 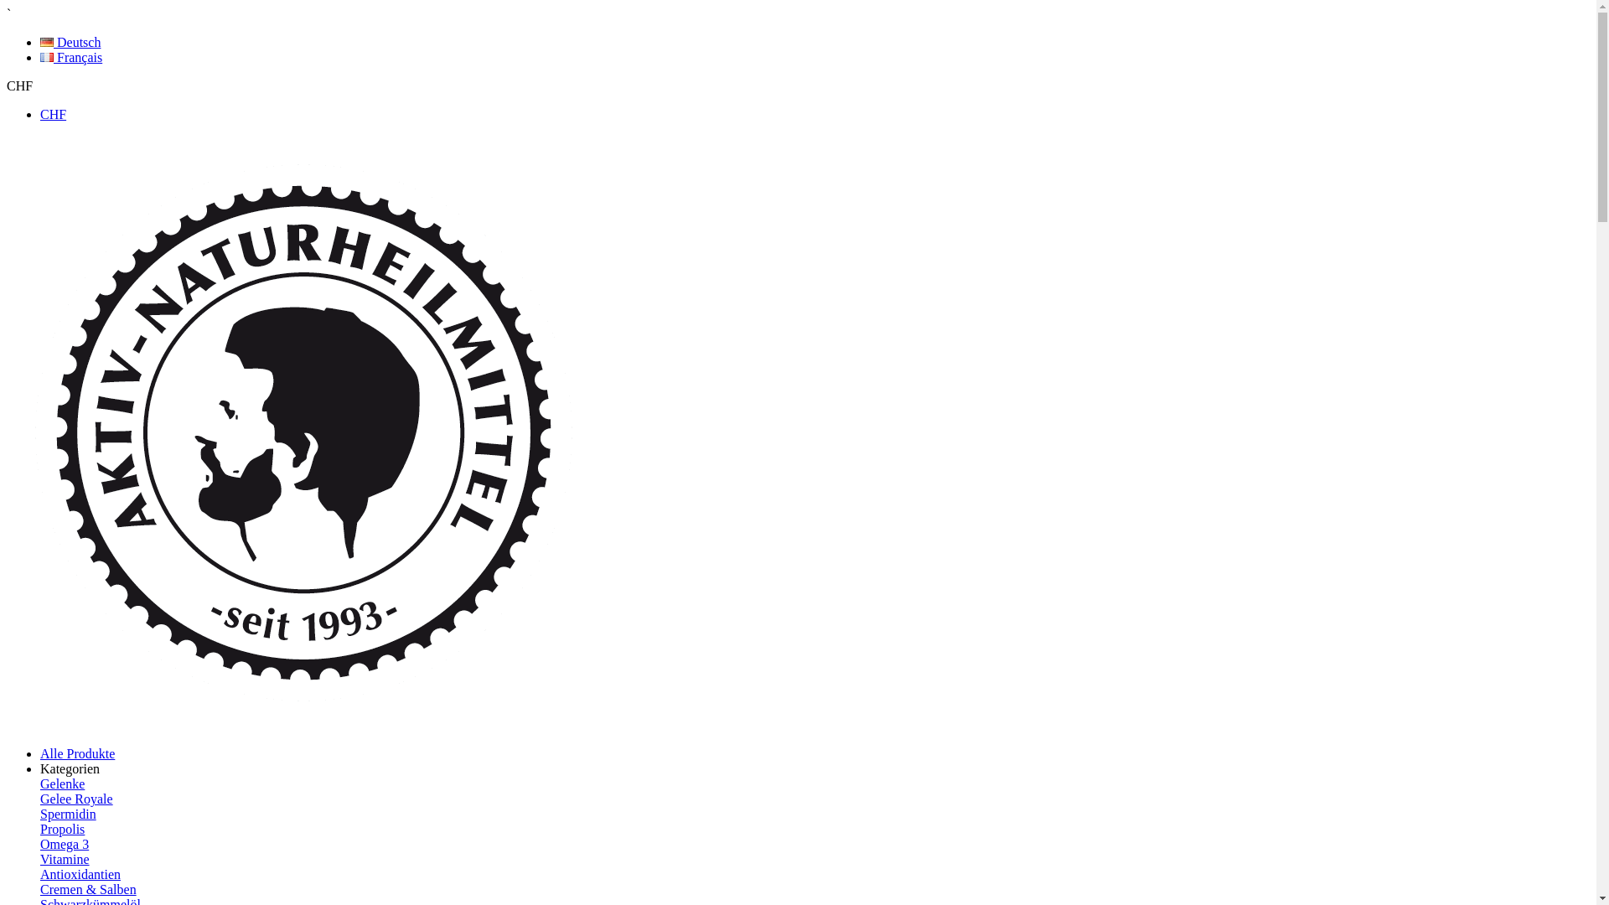 I want to click on 'Propolis', so click(x=62, y=828).